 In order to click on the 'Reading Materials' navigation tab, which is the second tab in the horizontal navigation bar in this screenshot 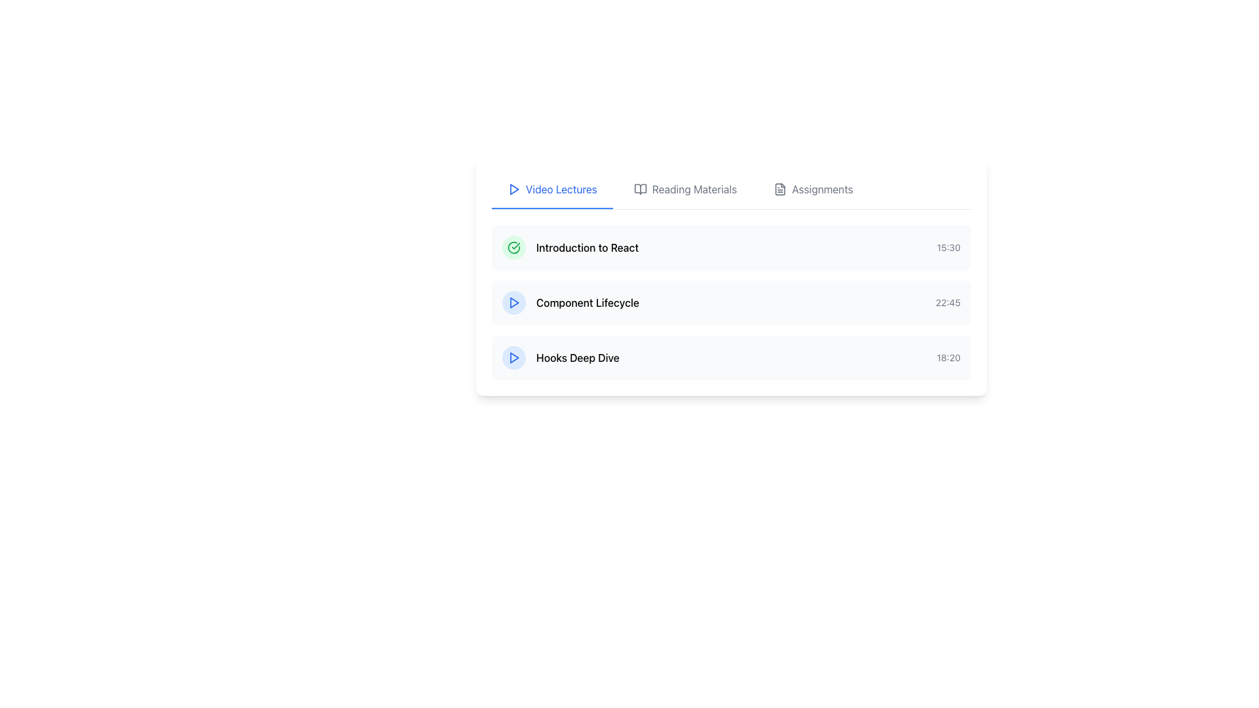, I will do `click(685, 189)`.